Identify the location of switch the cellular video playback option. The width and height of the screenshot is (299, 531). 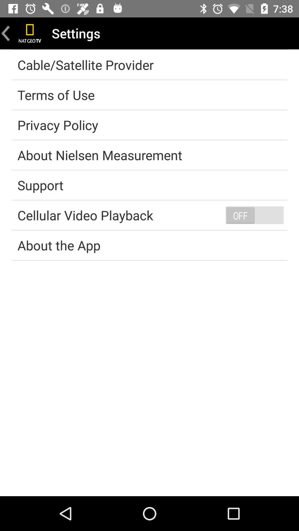
(254, 215).